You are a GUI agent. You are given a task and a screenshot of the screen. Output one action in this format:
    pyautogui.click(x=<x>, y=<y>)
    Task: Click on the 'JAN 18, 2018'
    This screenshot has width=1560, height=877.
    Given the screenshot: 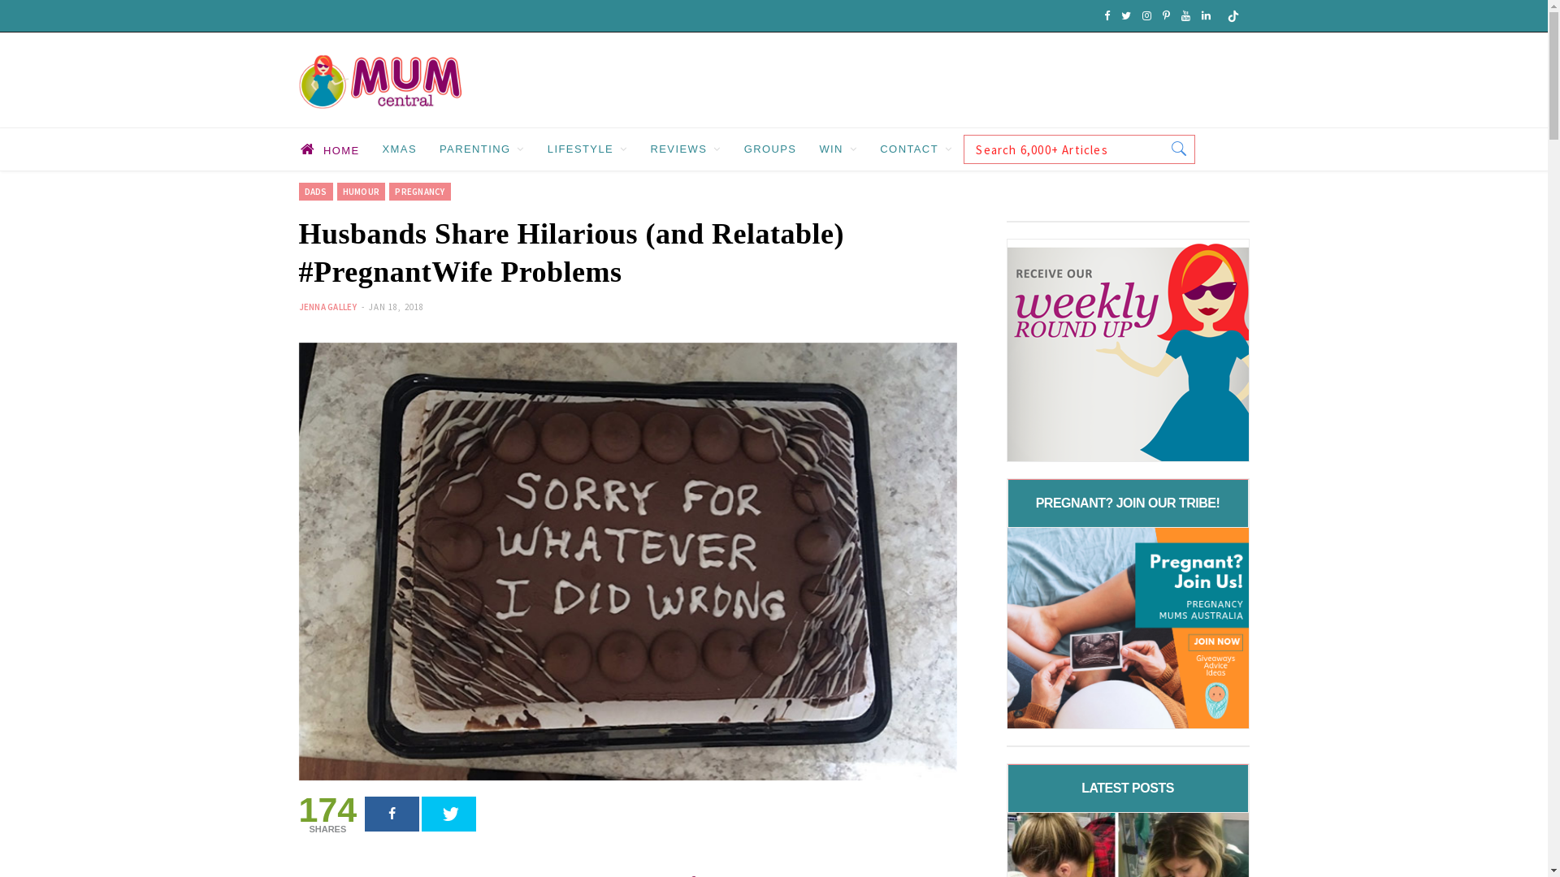 What is the action you would take?
    pyautogui.click(x=368, y=307)
    